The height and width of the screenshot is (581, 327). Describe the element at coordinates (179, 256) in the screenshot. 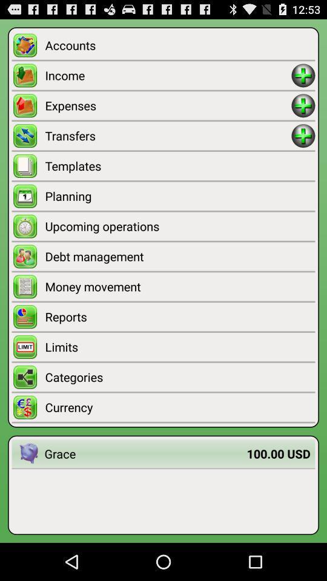

I see `debt management` at that location.